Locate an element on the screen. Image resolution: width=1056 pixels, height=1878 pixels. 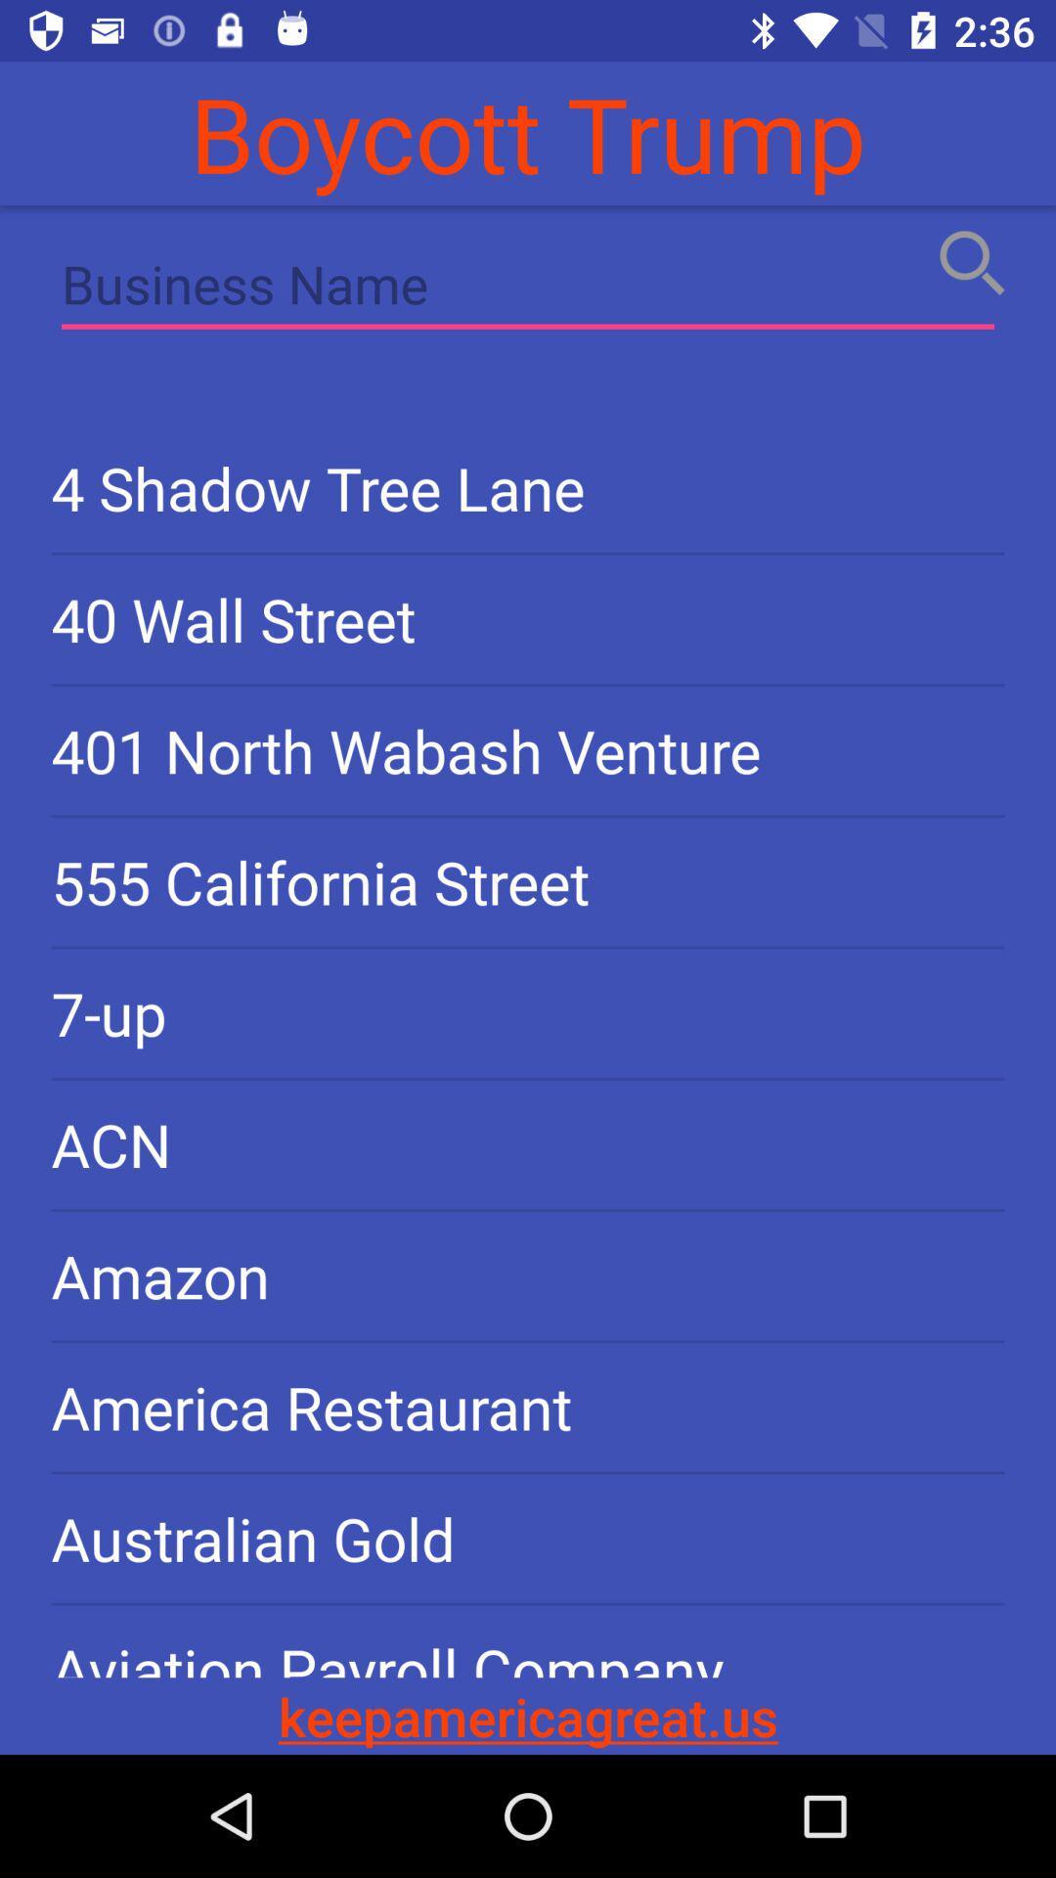
keepamericagreat.us  item is located at coordinates (528, 1715).